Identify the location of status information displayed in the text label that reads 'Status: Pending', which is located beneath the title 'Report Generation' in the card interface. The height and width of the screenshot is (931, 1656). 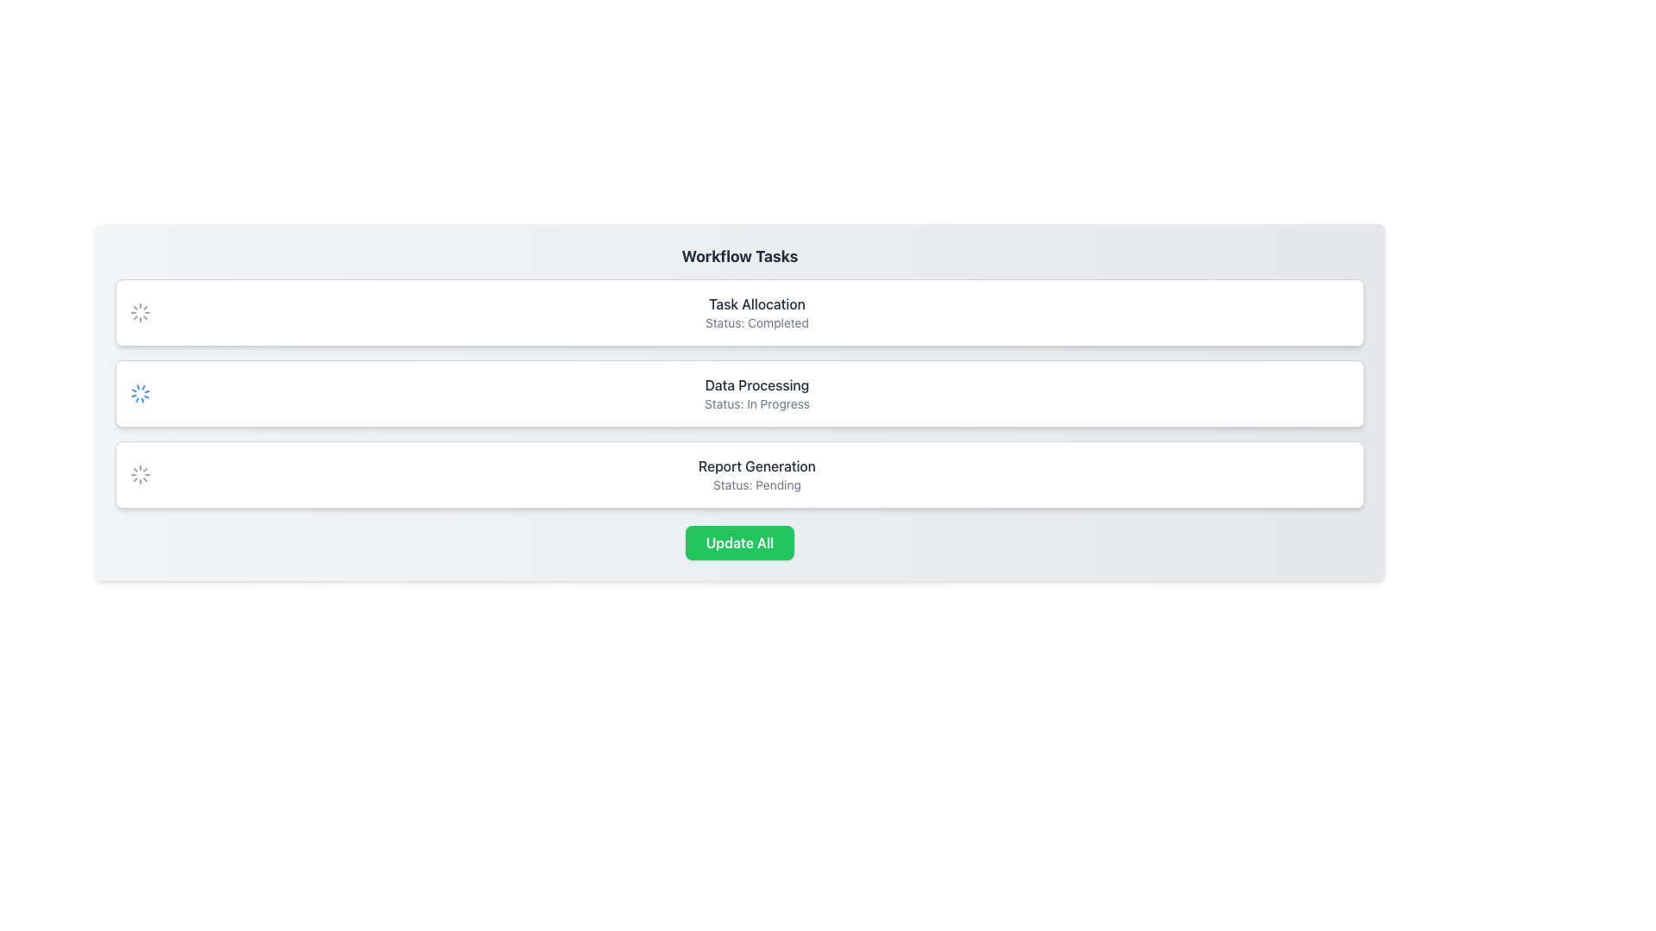
(757, 485).